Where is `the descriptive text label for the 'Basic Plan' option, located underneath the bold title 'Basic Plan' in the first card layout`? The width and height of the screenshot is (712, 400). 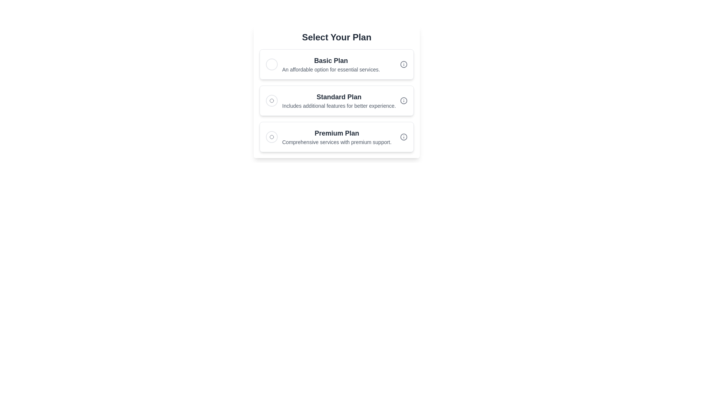 the descriptive text label for the 'Basic Plan' option, located underneath the bold title 'Basic Plan' in the first card layout is located at coordinates (330, 70).